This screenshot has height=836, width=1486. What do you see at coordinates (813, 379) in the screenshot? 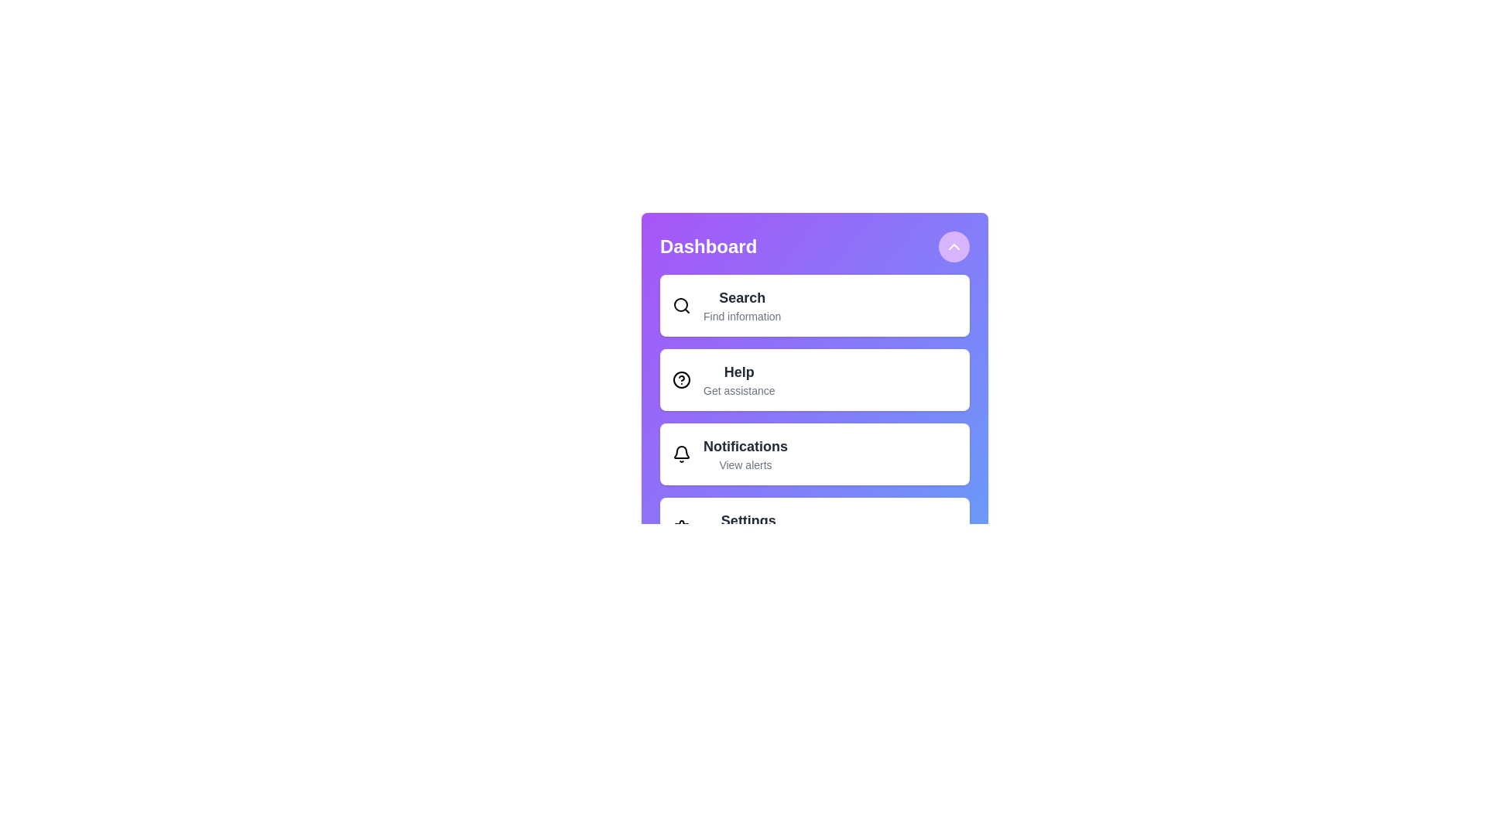
I see `the menu item labeled Help to select it` at bounding box center [813, 379].